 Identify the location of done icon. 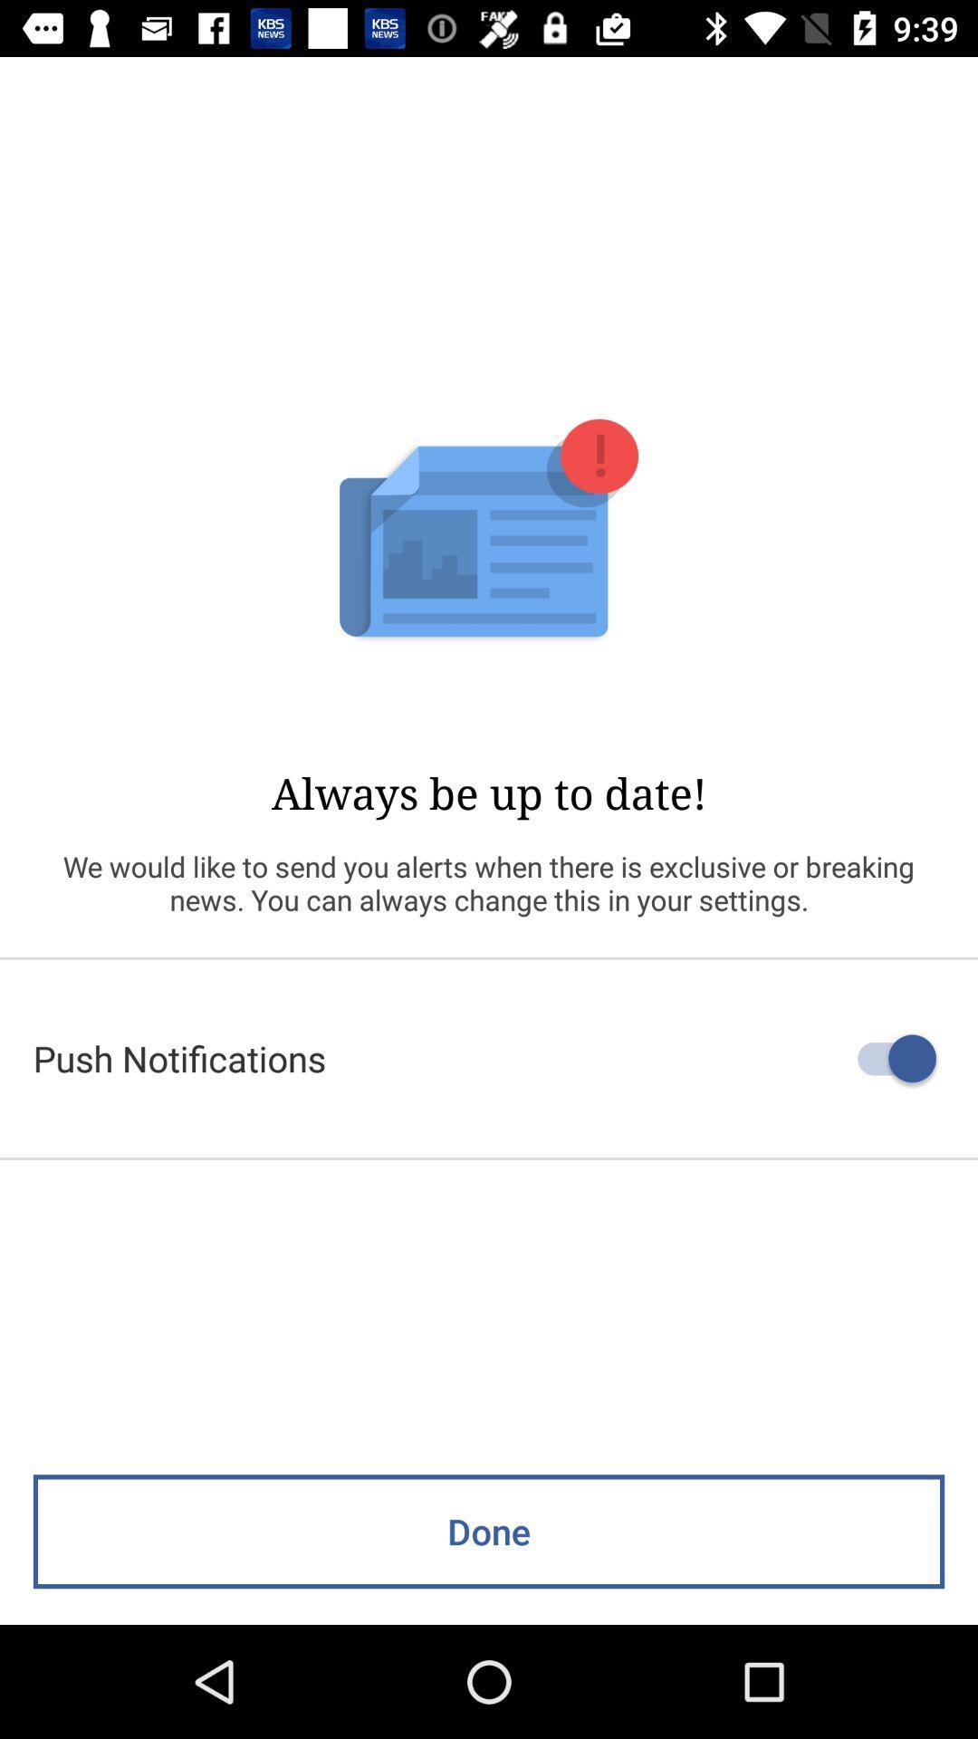
(489, 1531).